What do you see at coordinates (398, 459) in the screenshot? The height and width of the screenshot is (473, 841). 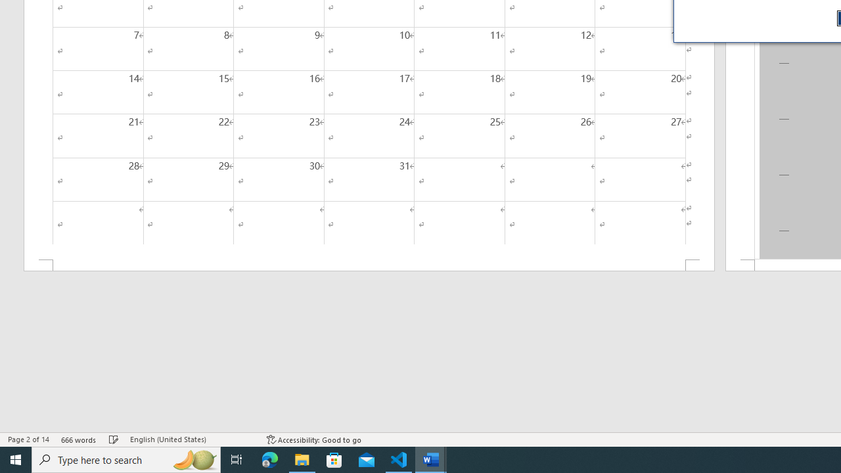 I see `'Visual Studio Code - 1 running window'` at bounding box center [398, 459].